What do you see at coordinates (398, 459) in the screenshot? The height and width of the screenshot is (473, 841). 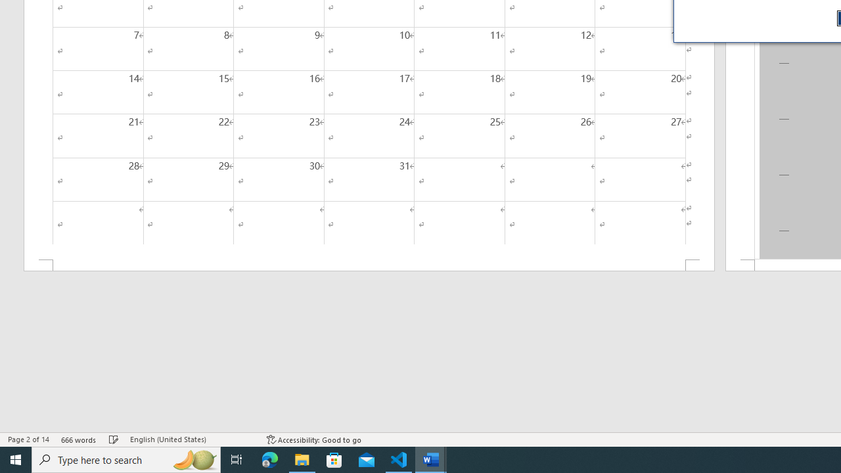 I see `'Visual Studio Code - 1 running window'` at bounding box center [398, 459].